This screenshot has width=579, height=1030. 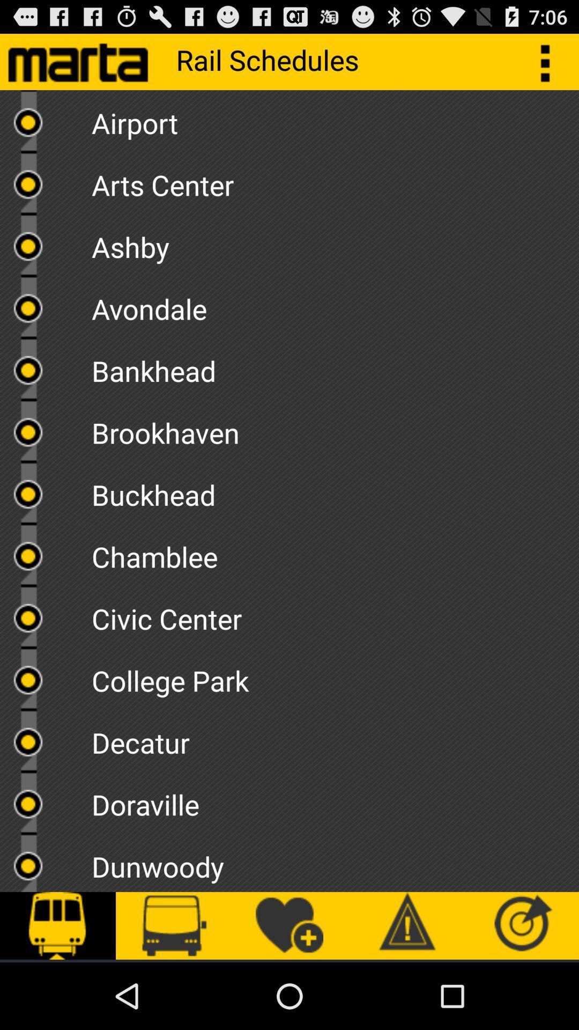 What do you see at coordinates (335, 490) in the screenshot?
I see `buckhead` at bounding box center [335, 490].